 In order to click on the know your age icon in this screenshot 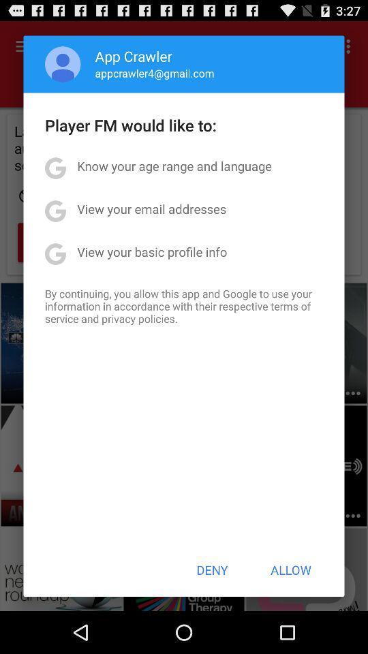, I will do `click(174, 165)`.